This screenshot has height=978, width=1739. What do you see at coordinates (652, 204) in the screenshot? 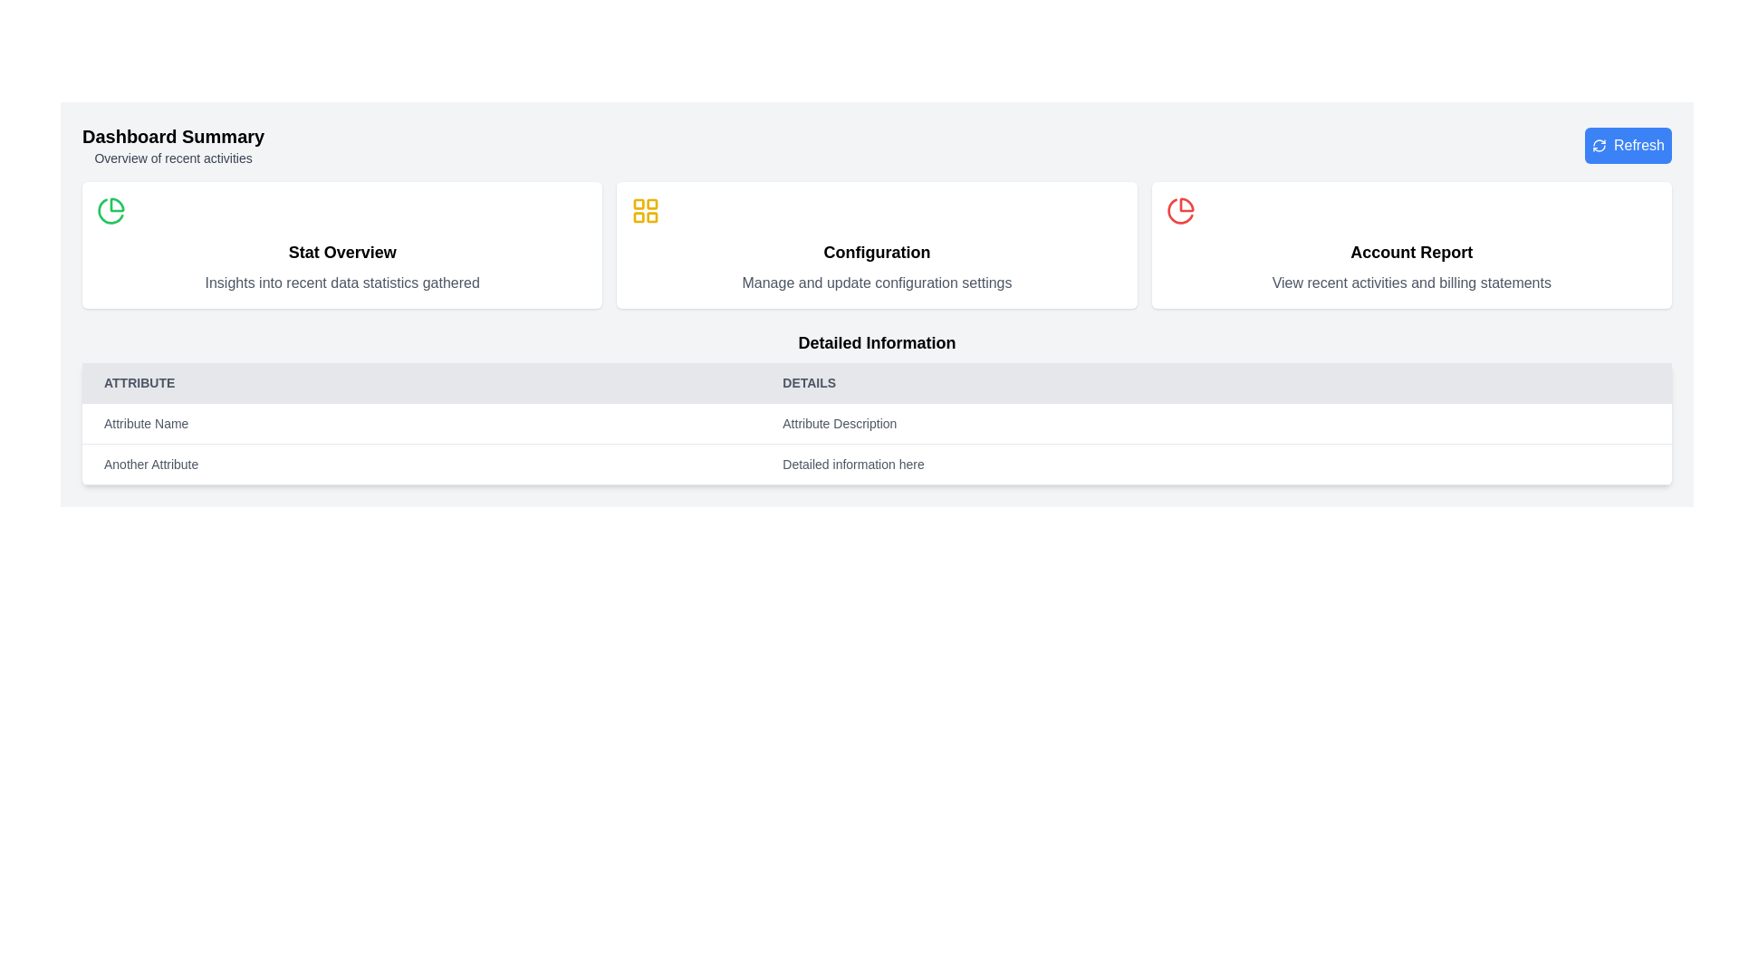
I see `the second square in the first row of the 2x2 grid icon located in the top-right portion of the grid in the 'Configuration' section of the Dashboard Summary` at bounding box center [652, 204].